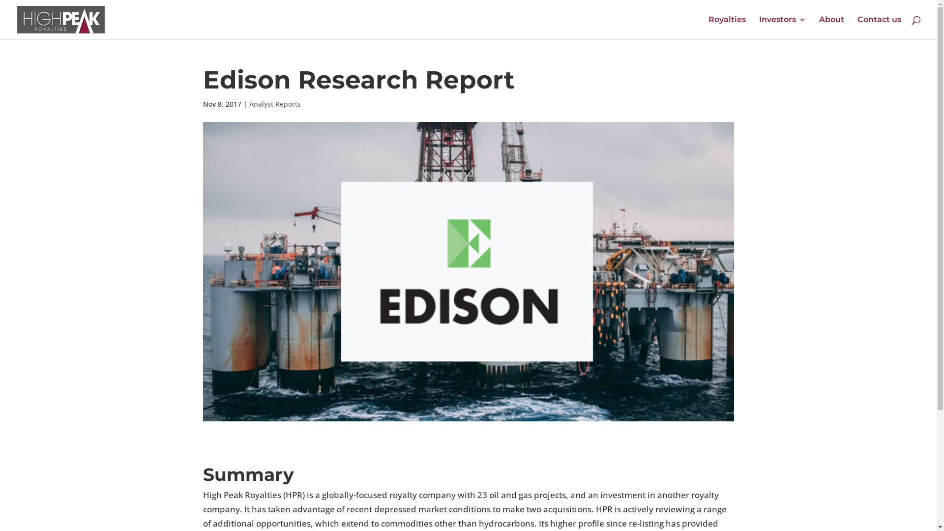 This screenshot has width=944, height=531. What do you see at coordinates (879, 27) in the screenshot?
I see `'Contact us'` at bounding box center [879, 27].